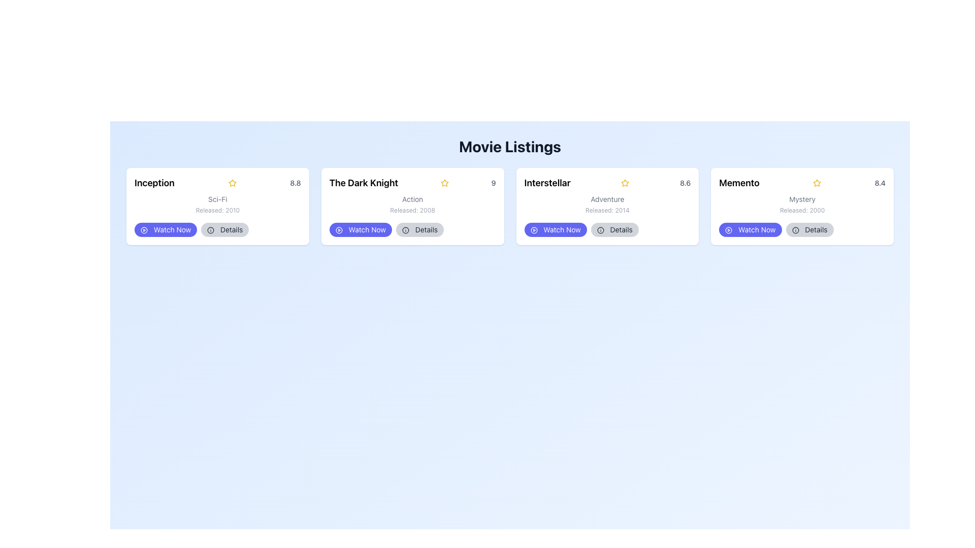 The image size is (975, 548). I want to click on the circular play icon within the 'Watch Now' button on the fourth movie card (Memento) in the Movie Listings section, so click(728, 230).